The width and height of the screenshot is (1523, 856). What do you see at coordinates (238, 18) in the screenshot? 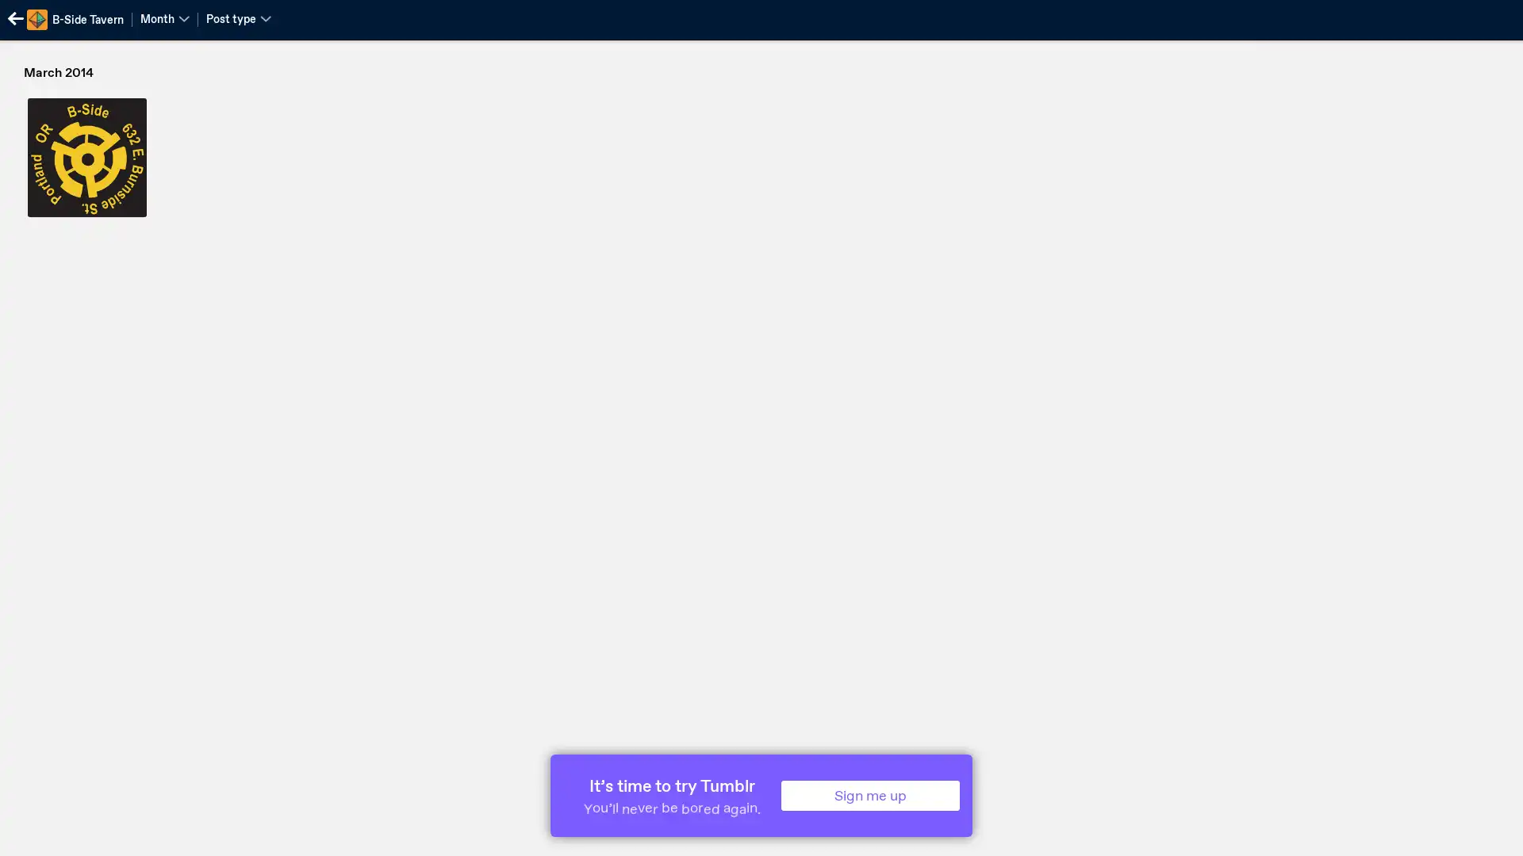
I see `Post type` at bounding box center [238, 18].